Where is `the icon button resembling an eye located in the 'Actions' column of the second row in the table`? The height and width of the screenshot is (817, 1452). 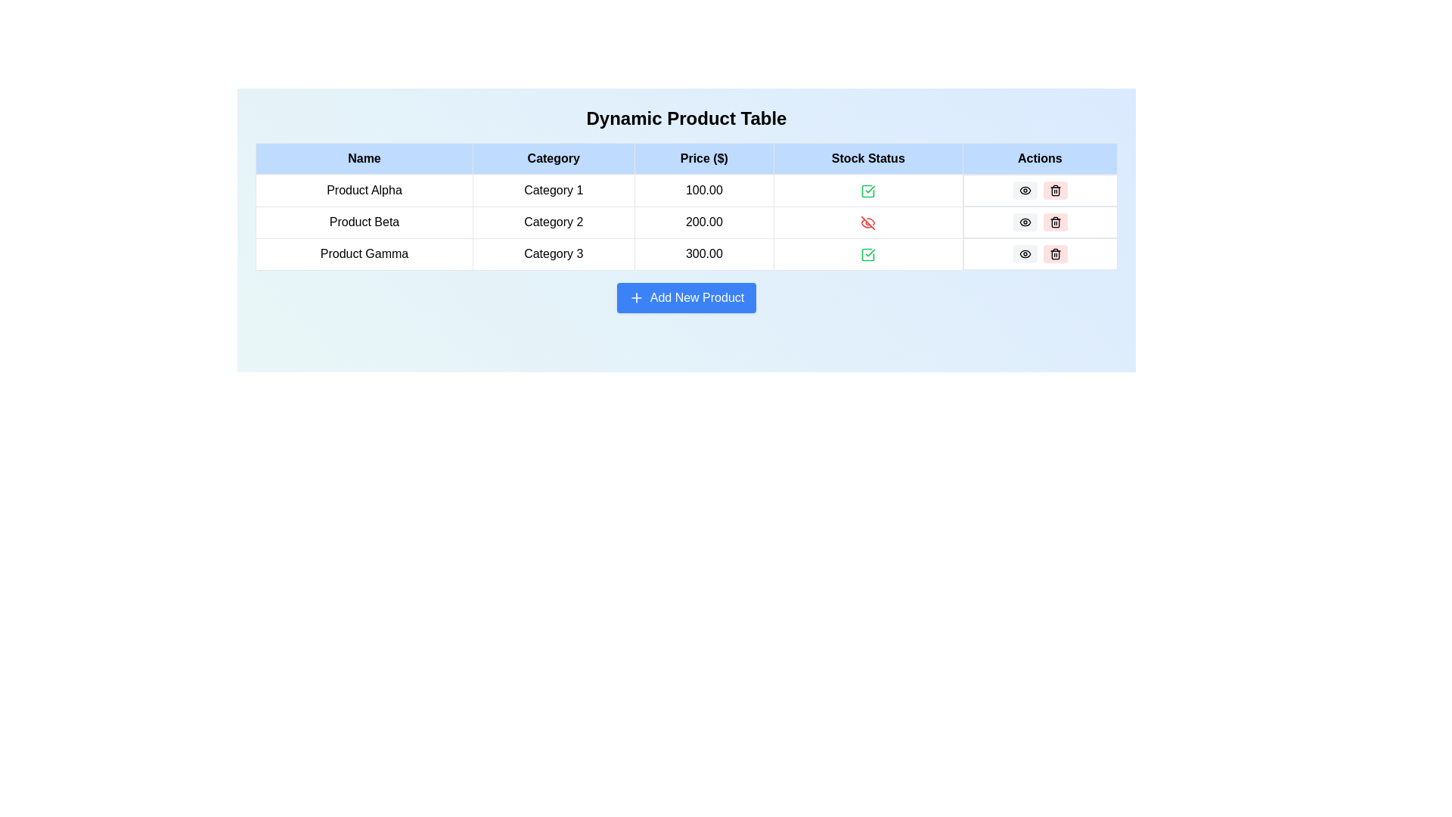
the icon button resembling an eye located in the 'Actions' column of the second row in the table is located at coordinates (1025, 189).